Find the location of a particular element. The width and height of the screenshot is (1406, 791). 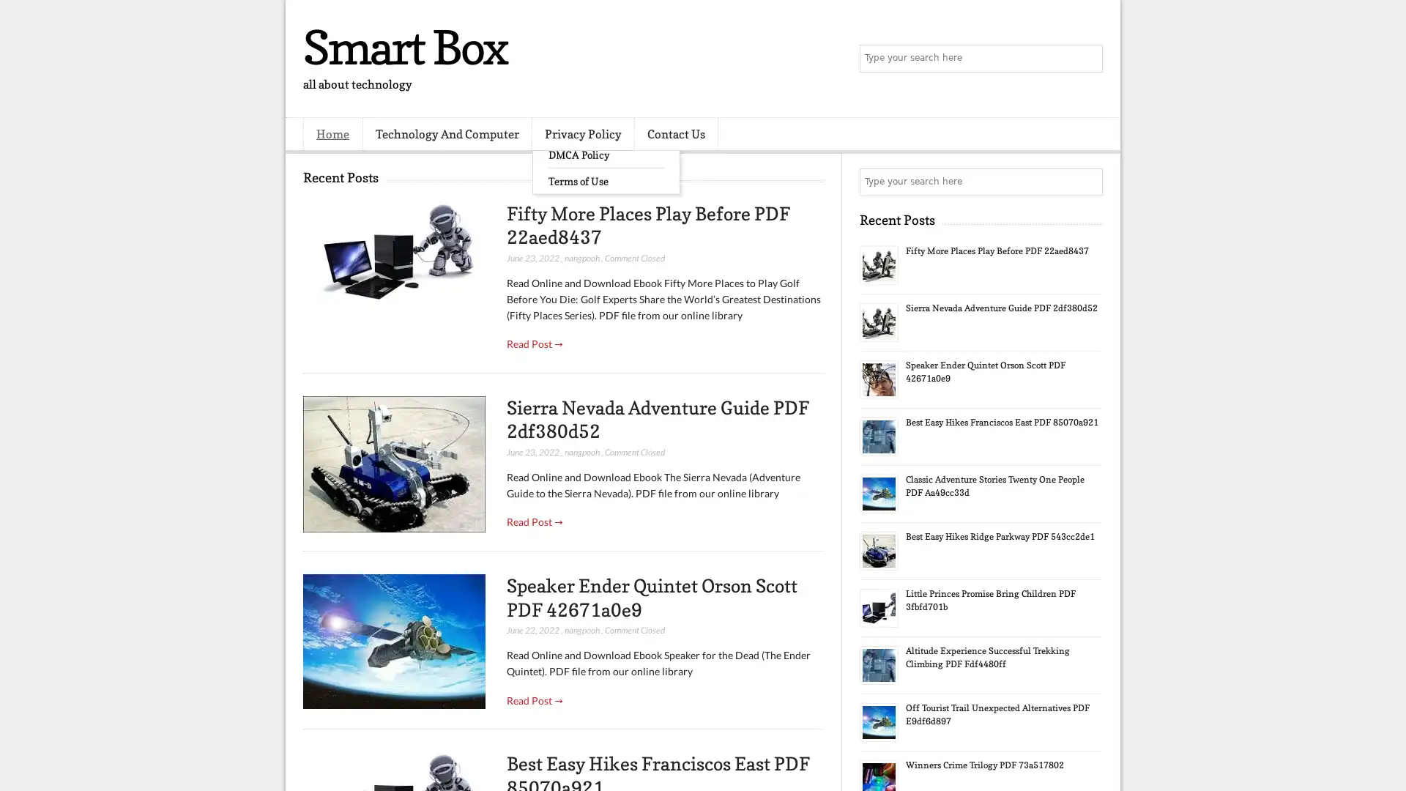

Search is located at coordinates (1087, 182).